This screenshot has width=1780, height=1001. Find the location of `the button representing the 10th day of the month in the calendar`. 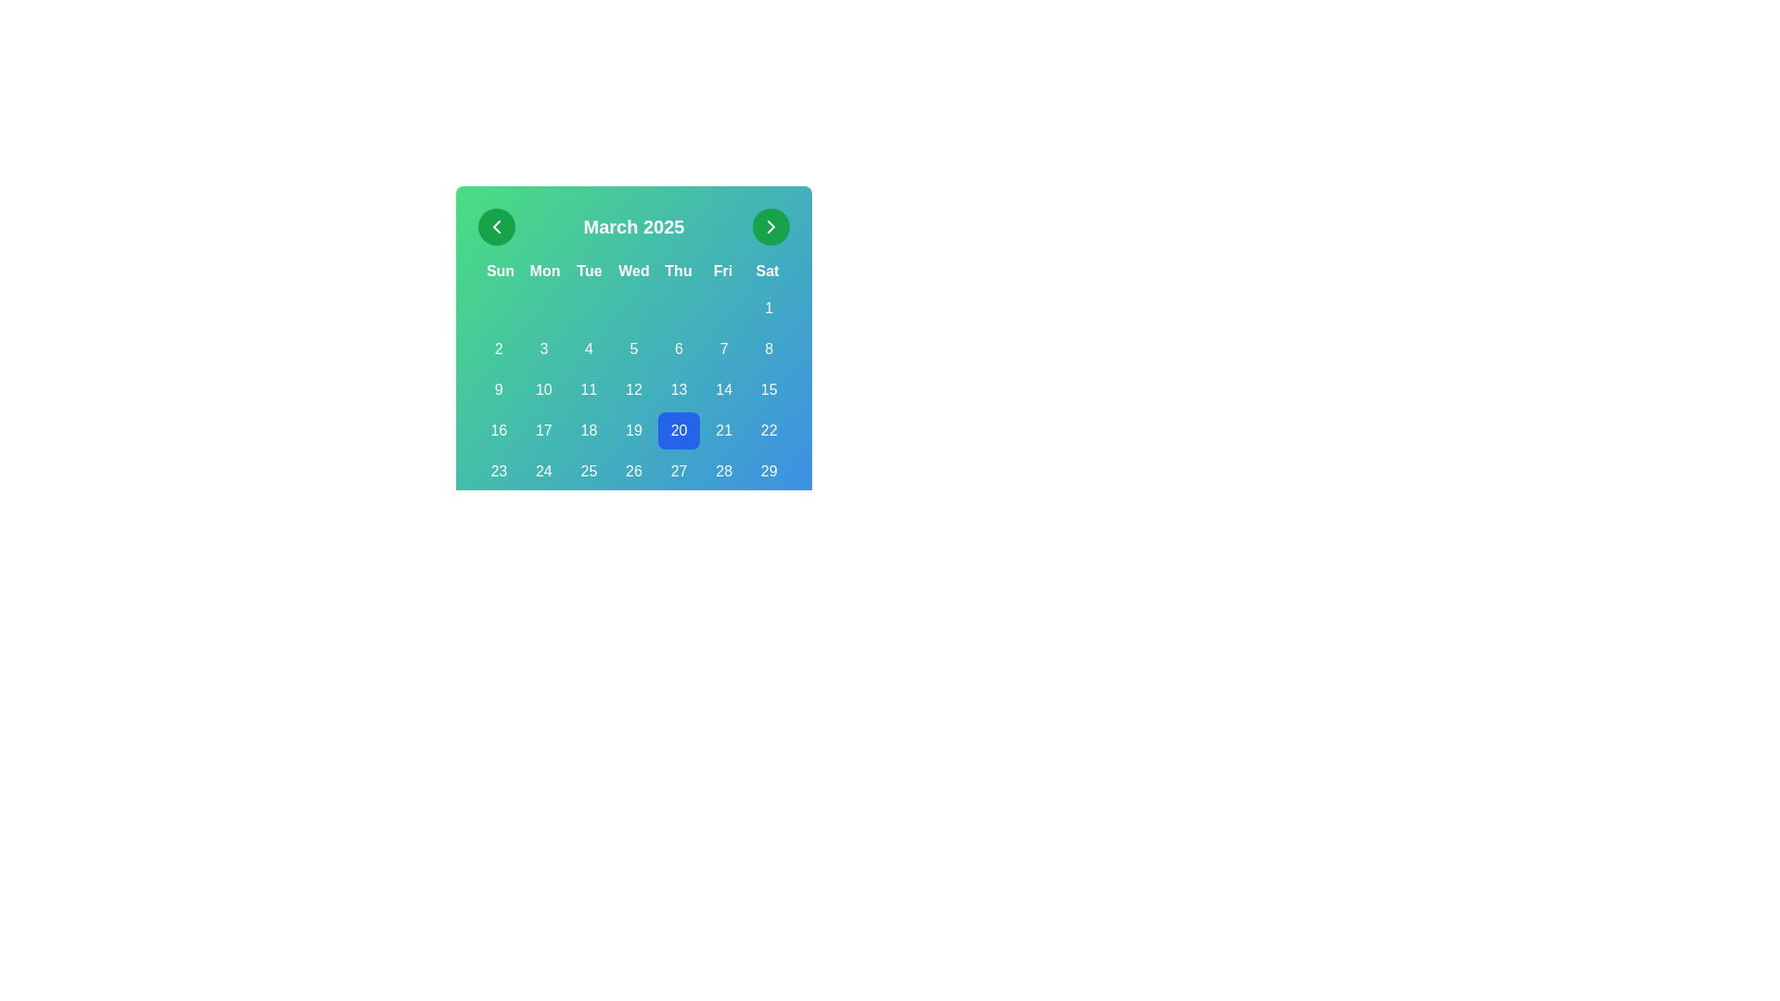

the button representing the 10th day of the month in the calendar is located at coordinates (542, 388).